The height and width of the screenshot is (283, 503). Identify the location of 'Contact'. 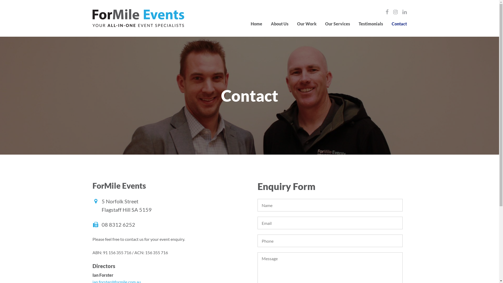
(398, 24).